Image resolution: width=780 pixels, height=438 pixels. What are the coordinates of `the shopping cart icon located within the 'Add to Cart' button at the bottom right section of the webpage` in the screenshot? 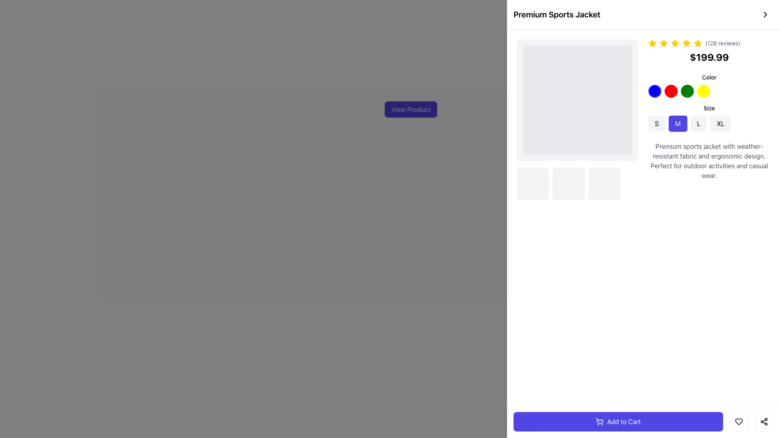 It's located at (600, 421).